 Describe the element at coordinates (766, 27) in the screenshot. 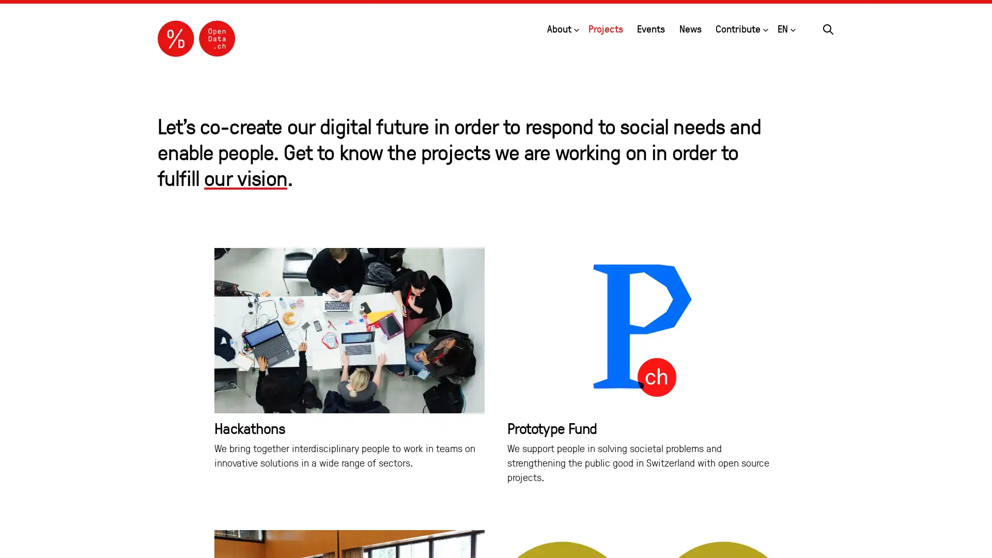

I see `Open` at that location.